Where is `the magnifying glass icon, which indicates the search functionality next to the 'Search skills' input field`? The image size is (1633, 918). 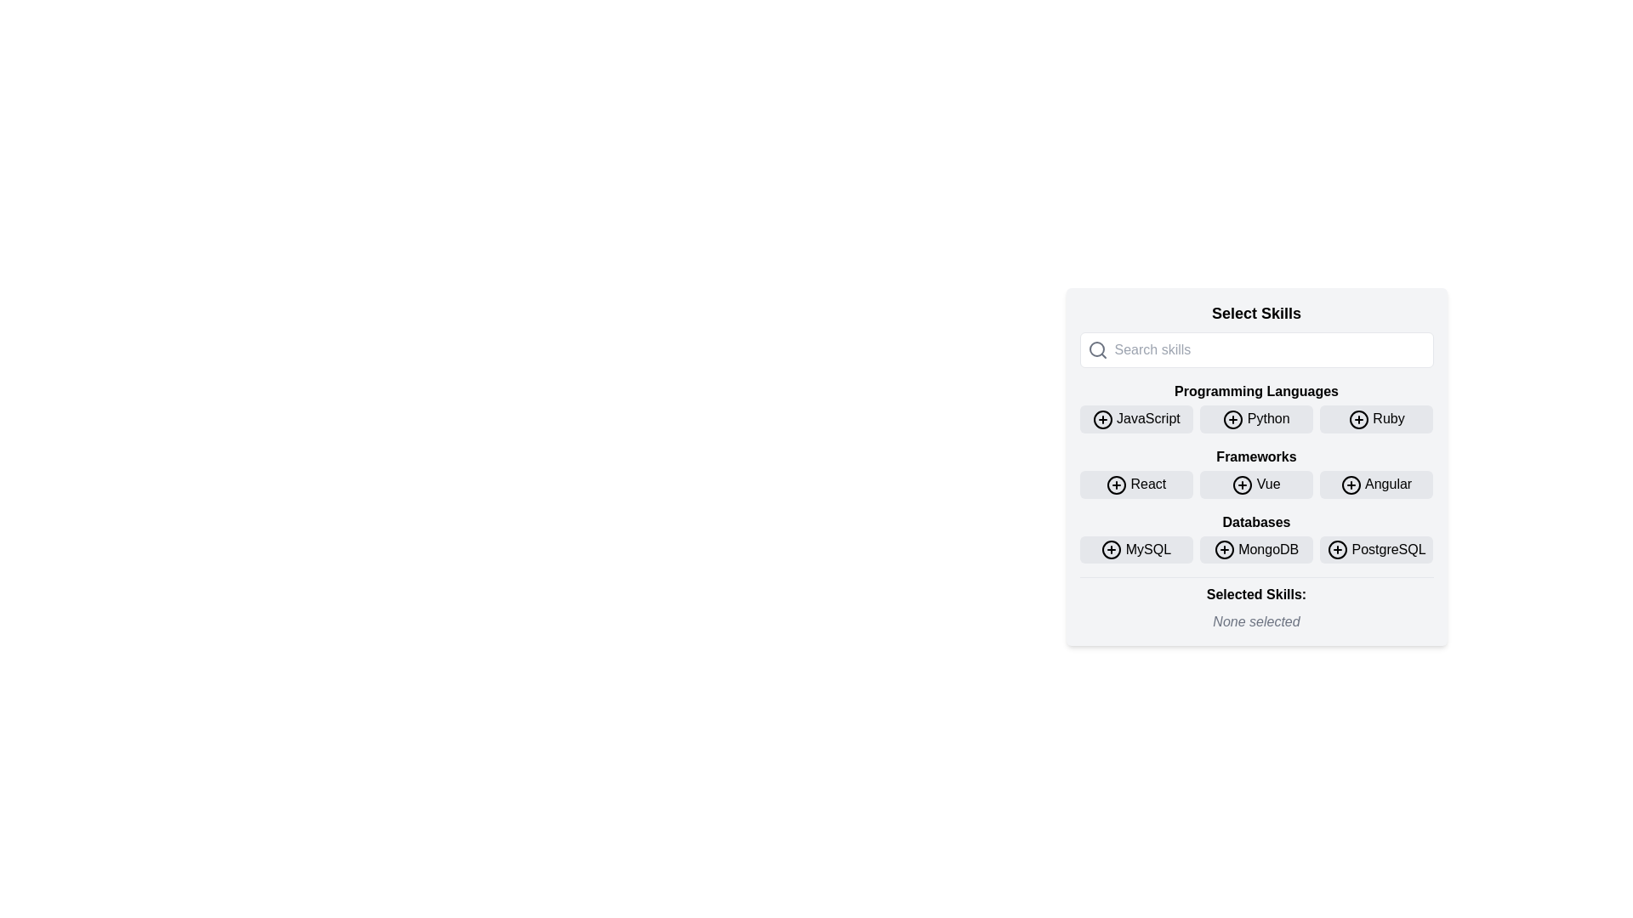
the magnifying glass icon, which indicates the search functionality next to the 'Search skills' input field is located at coordinates (1097, 349).